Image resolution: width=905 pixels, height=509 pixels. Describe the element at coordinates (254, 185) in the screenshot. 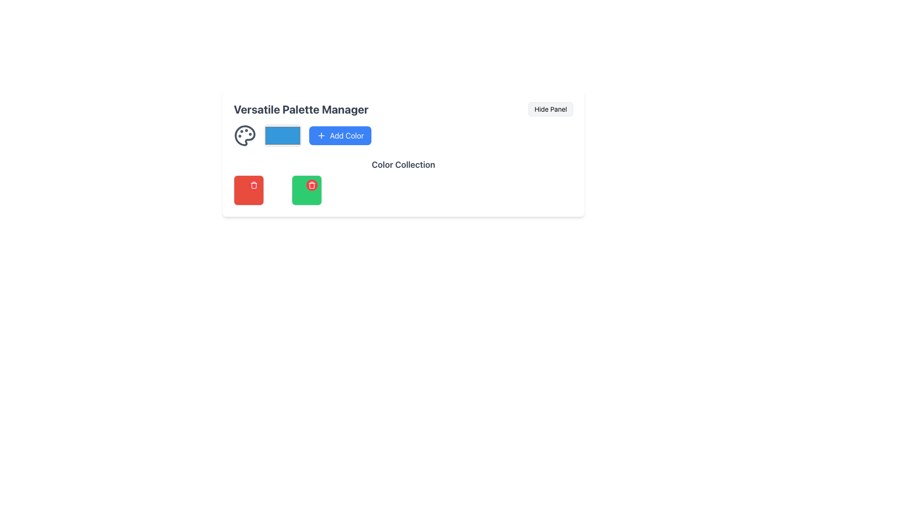

I see `the delete button located at the upper-right corner of the red rectangular card` at that location.